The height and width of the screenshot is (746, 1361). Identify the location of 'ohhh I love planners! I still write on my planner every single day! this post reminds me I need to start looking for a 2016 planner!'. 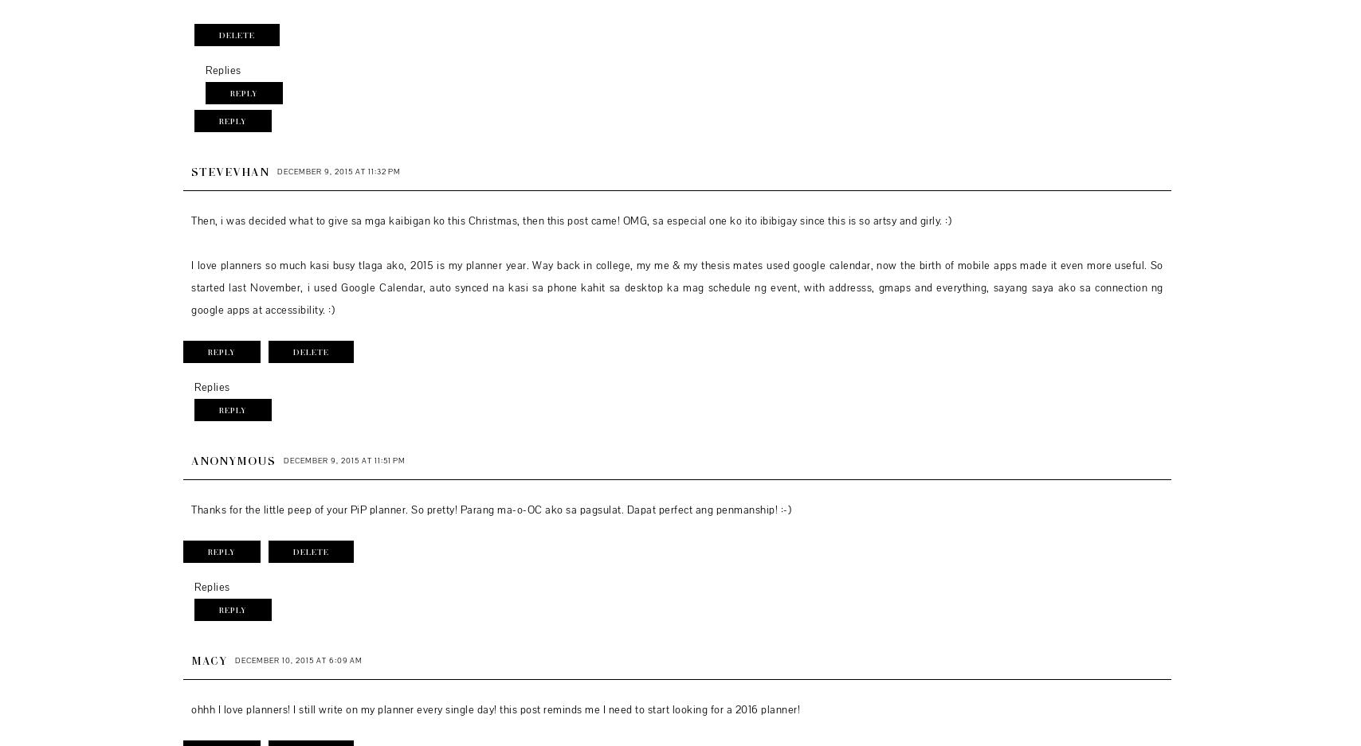
(496, 708).